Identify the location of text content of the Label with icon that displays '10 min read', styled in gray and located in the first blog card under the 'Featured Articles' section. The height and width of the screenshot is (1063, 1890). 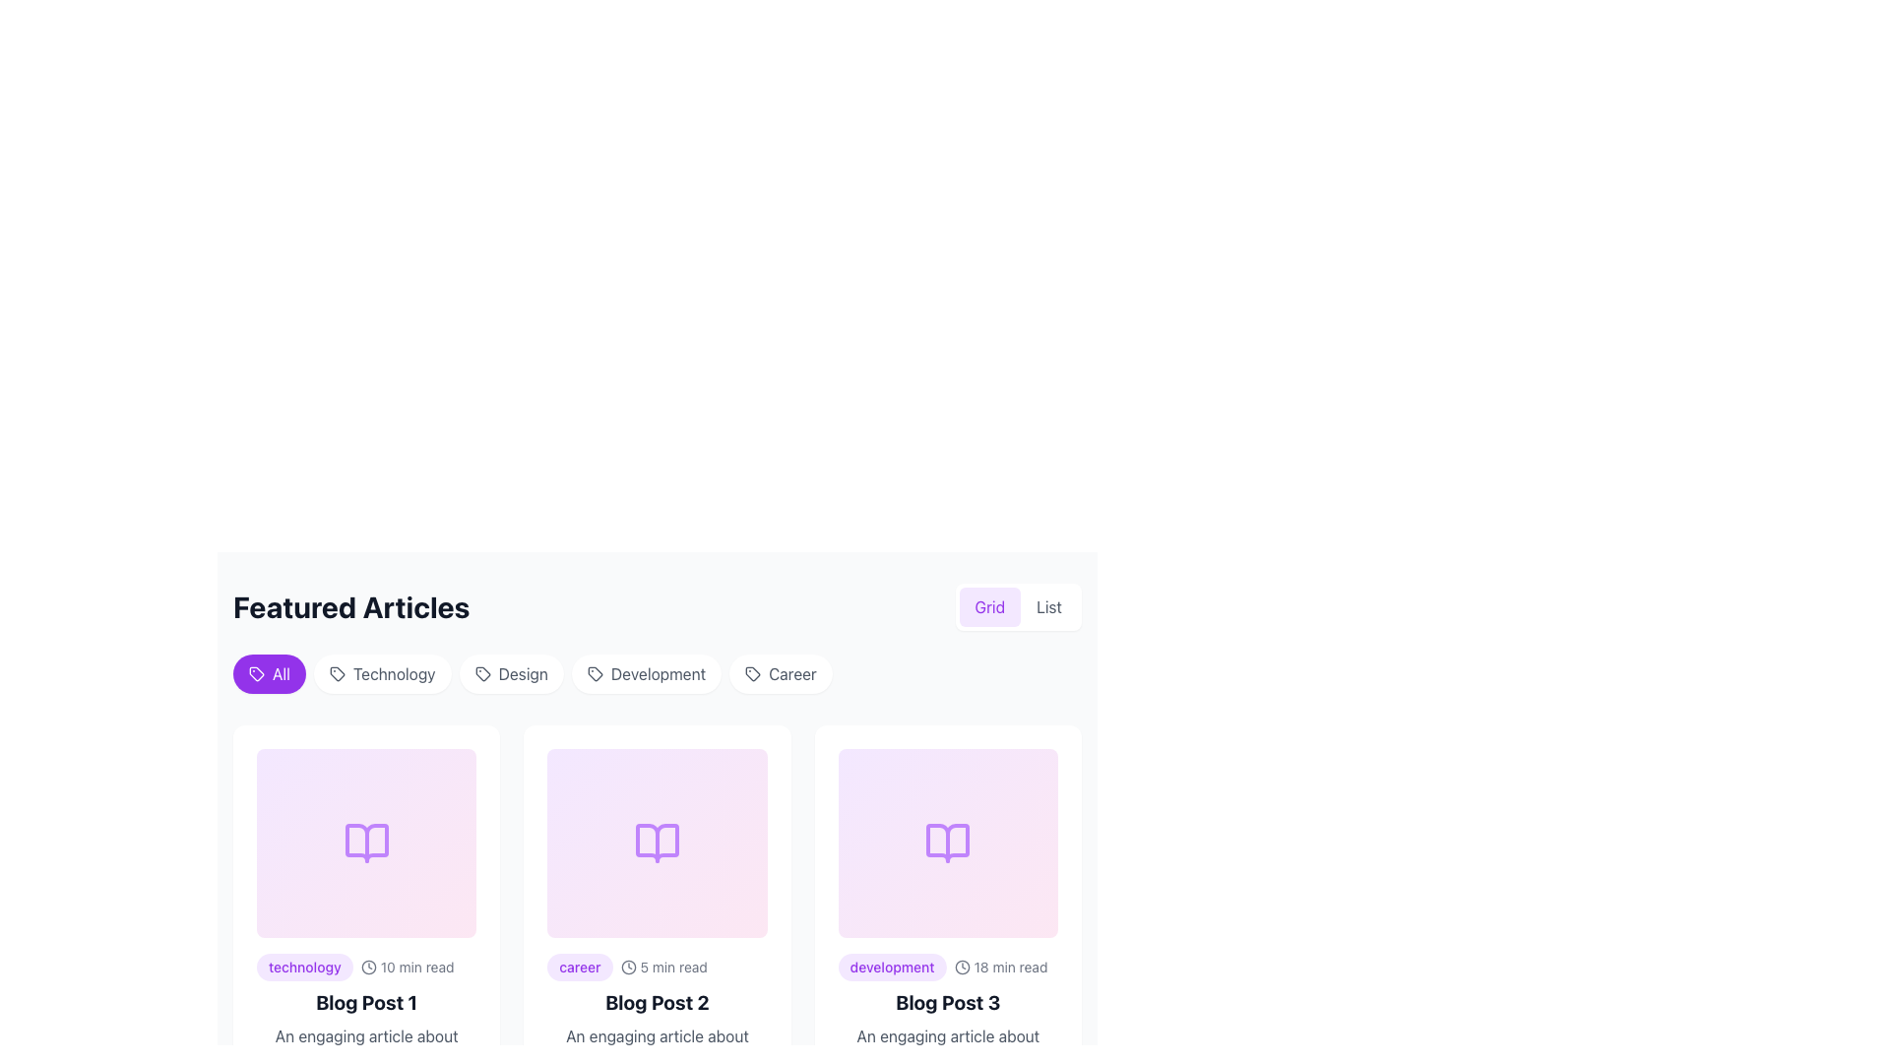
(407, 967).